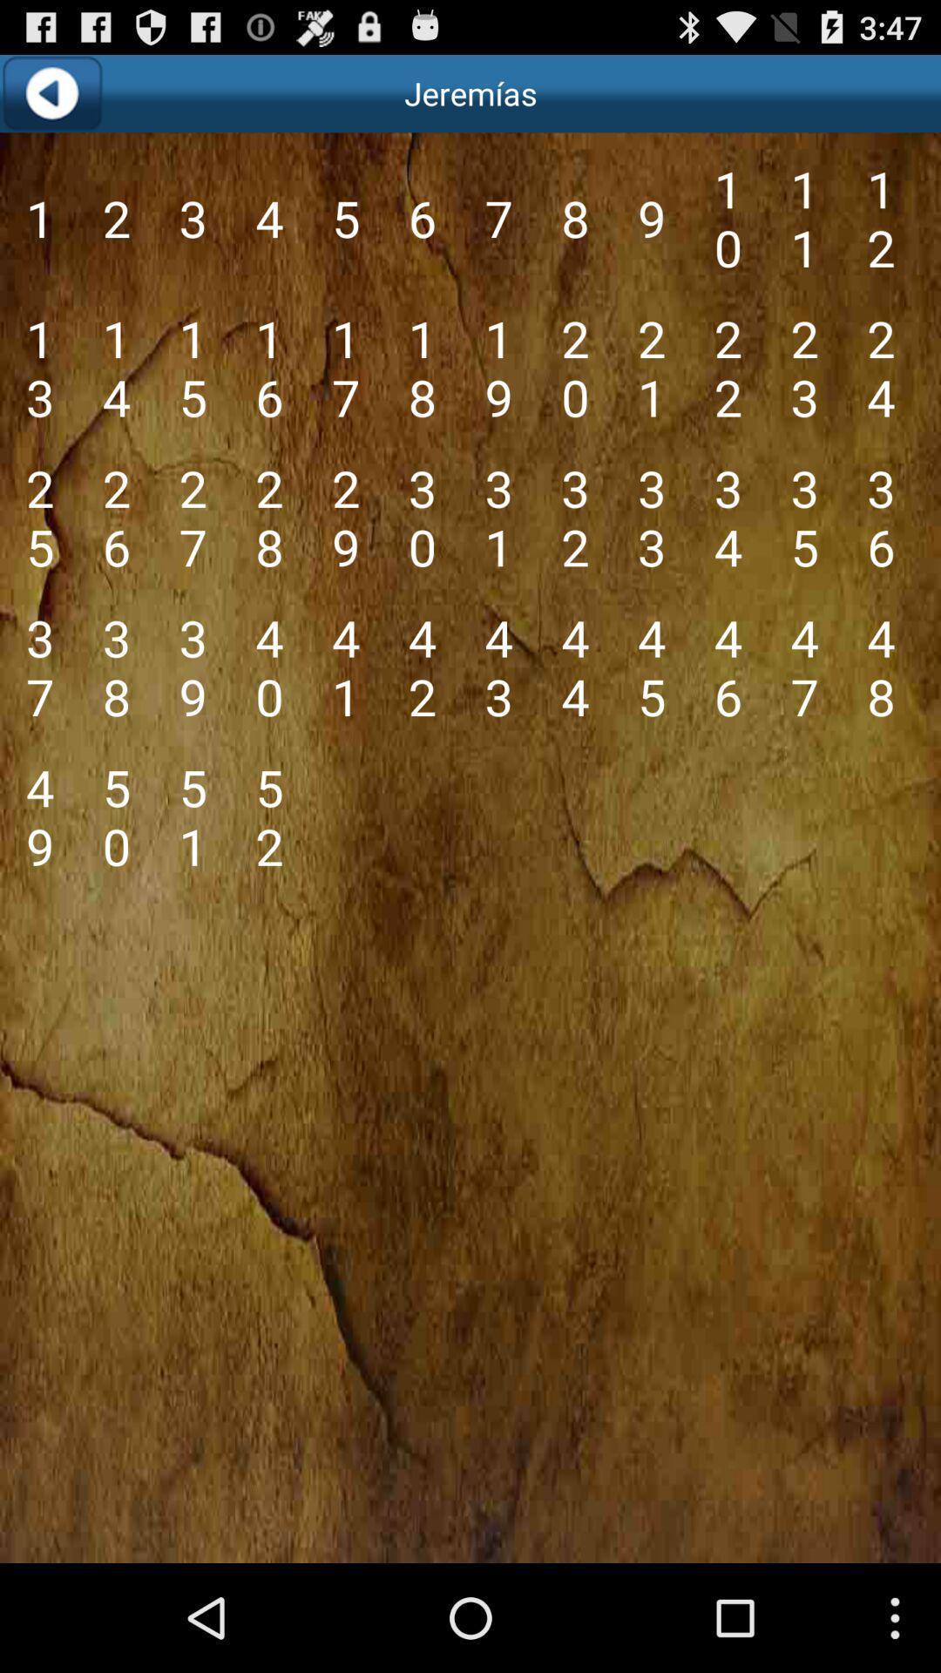  What do you see at coordinates (51, 92) in the screenshot?
I see `go back` at bounding box center [51, 92].